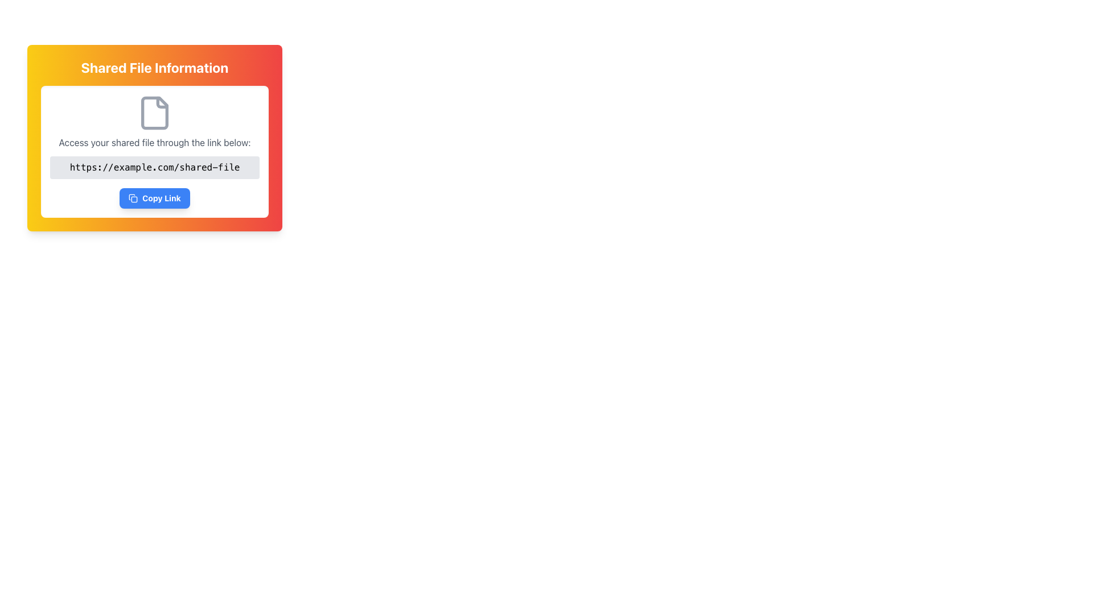 The width and height of the screenshot is (1093, 614). Describe the element at coordinates (133, 197) in the screenshot. I see `the copy icon located at the leftmost section of the 'Copy Link' button, adjacent to the text label` at that location.